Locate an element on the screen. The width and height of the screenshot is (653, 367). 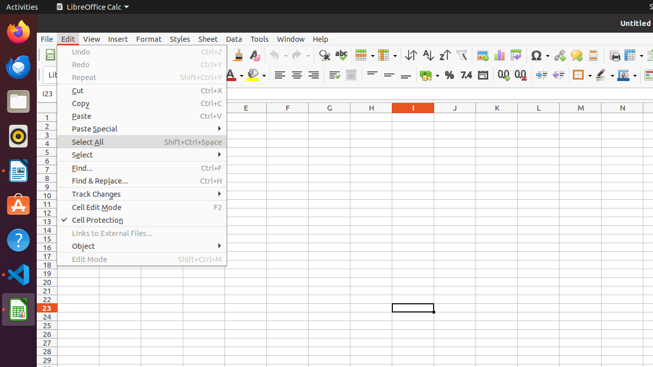
'Redo' is located at coordinates (141, 64).